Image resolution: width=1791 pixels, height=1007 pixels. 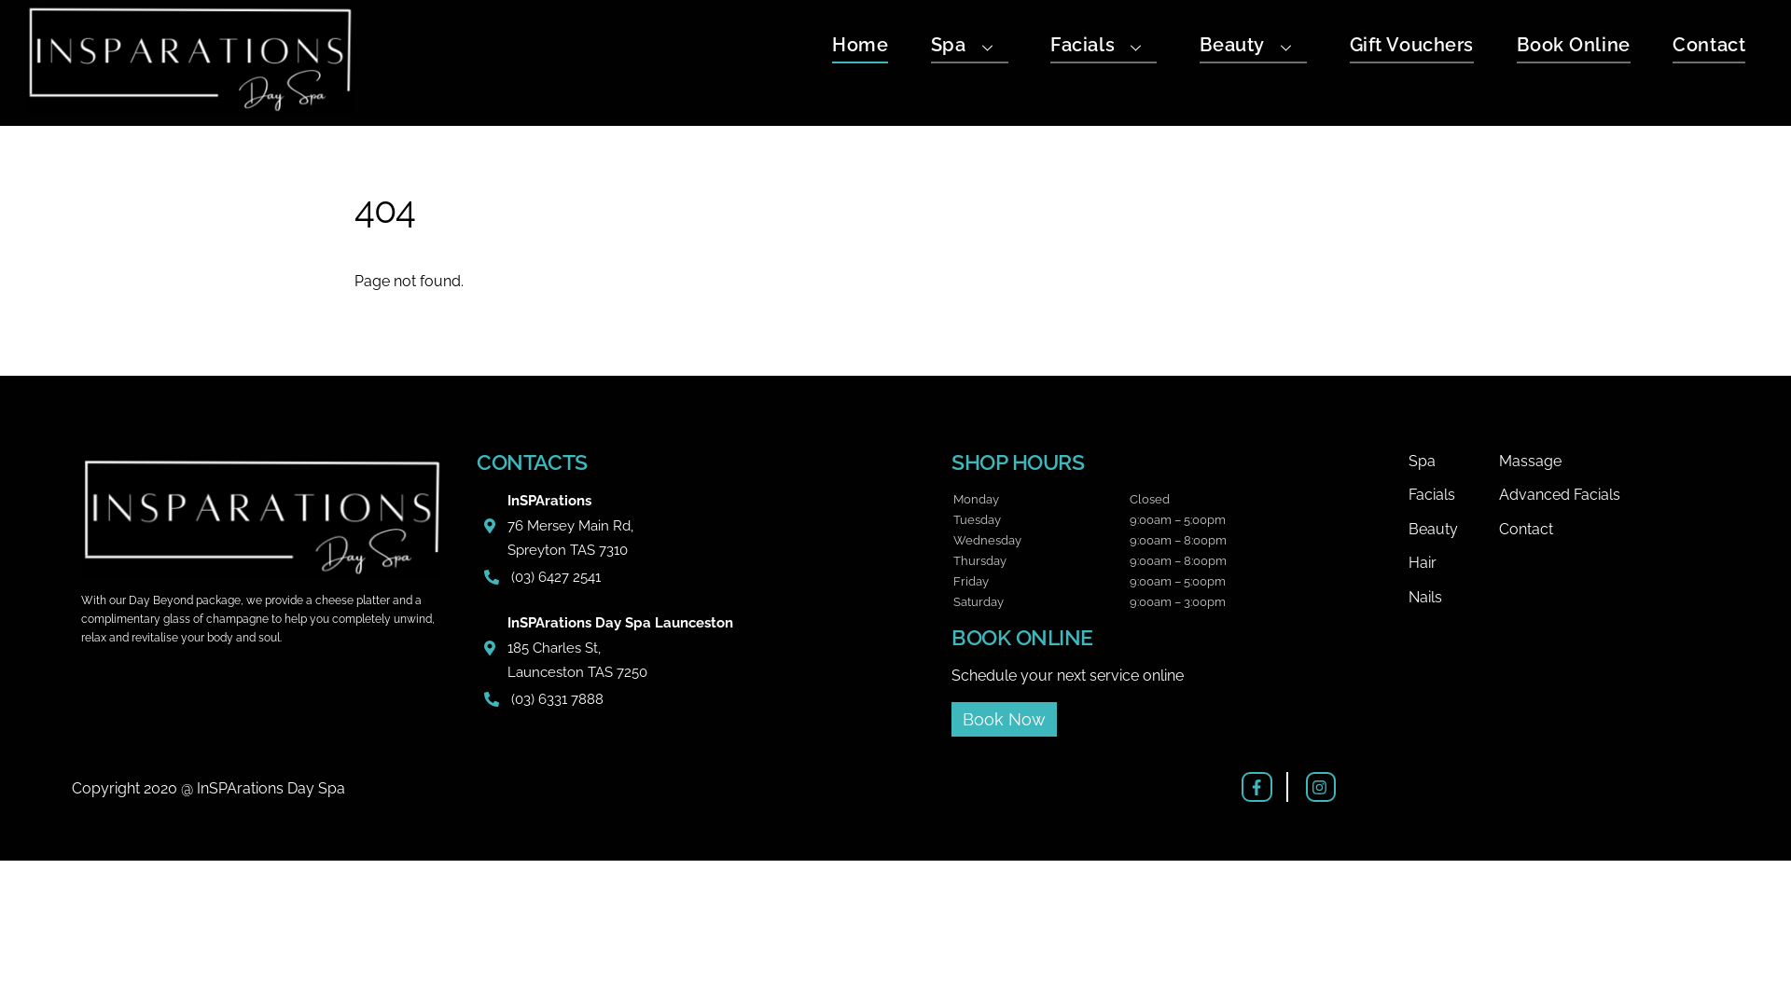 I want to click on 'Contact', so click(x=1709, y=47).